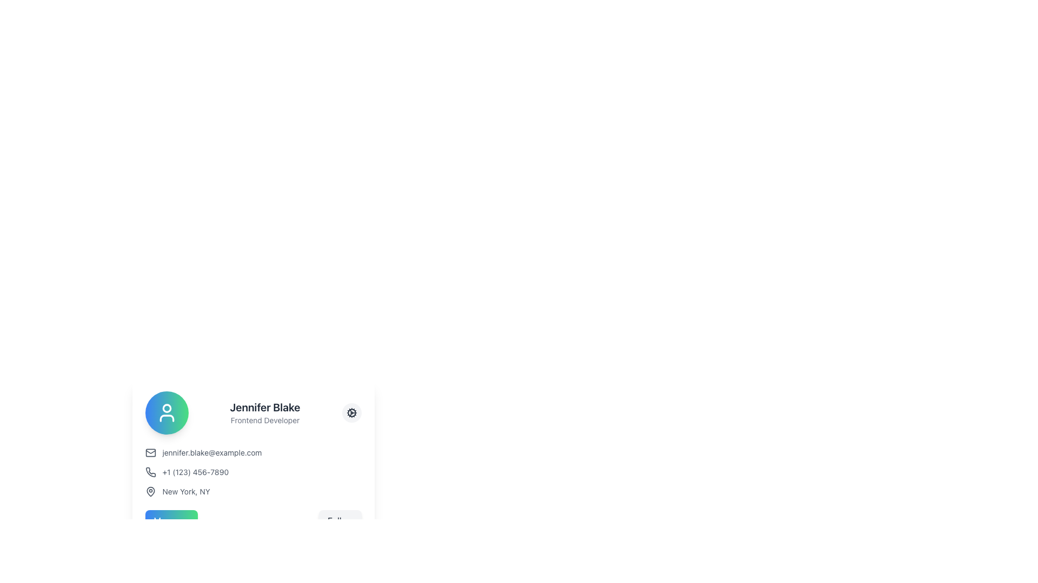  Describe the element at coordinates (150, 452) in the screenshot. I see `the envelope flap icon representing email, located in the contact details section next to the user's email address` at that location.